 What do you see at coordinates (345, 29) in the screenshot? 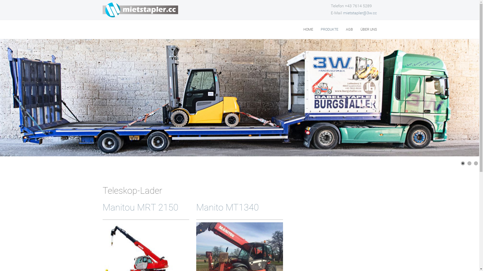
I see `'AGB'` at bounding box center [345, 29].